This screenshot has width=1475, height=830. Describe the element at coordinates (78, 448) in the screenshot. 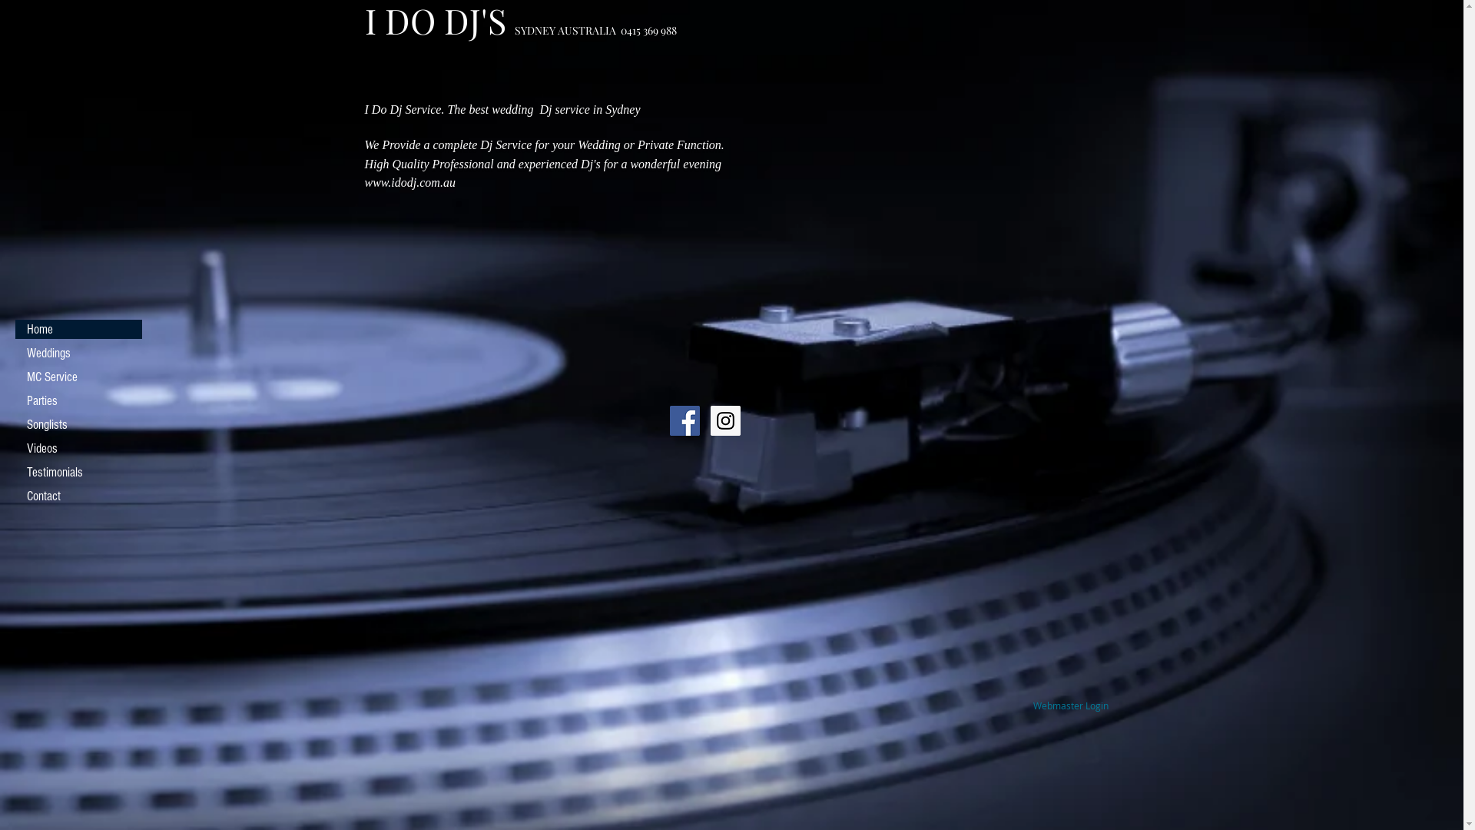

I see `'Videos'` at that location.